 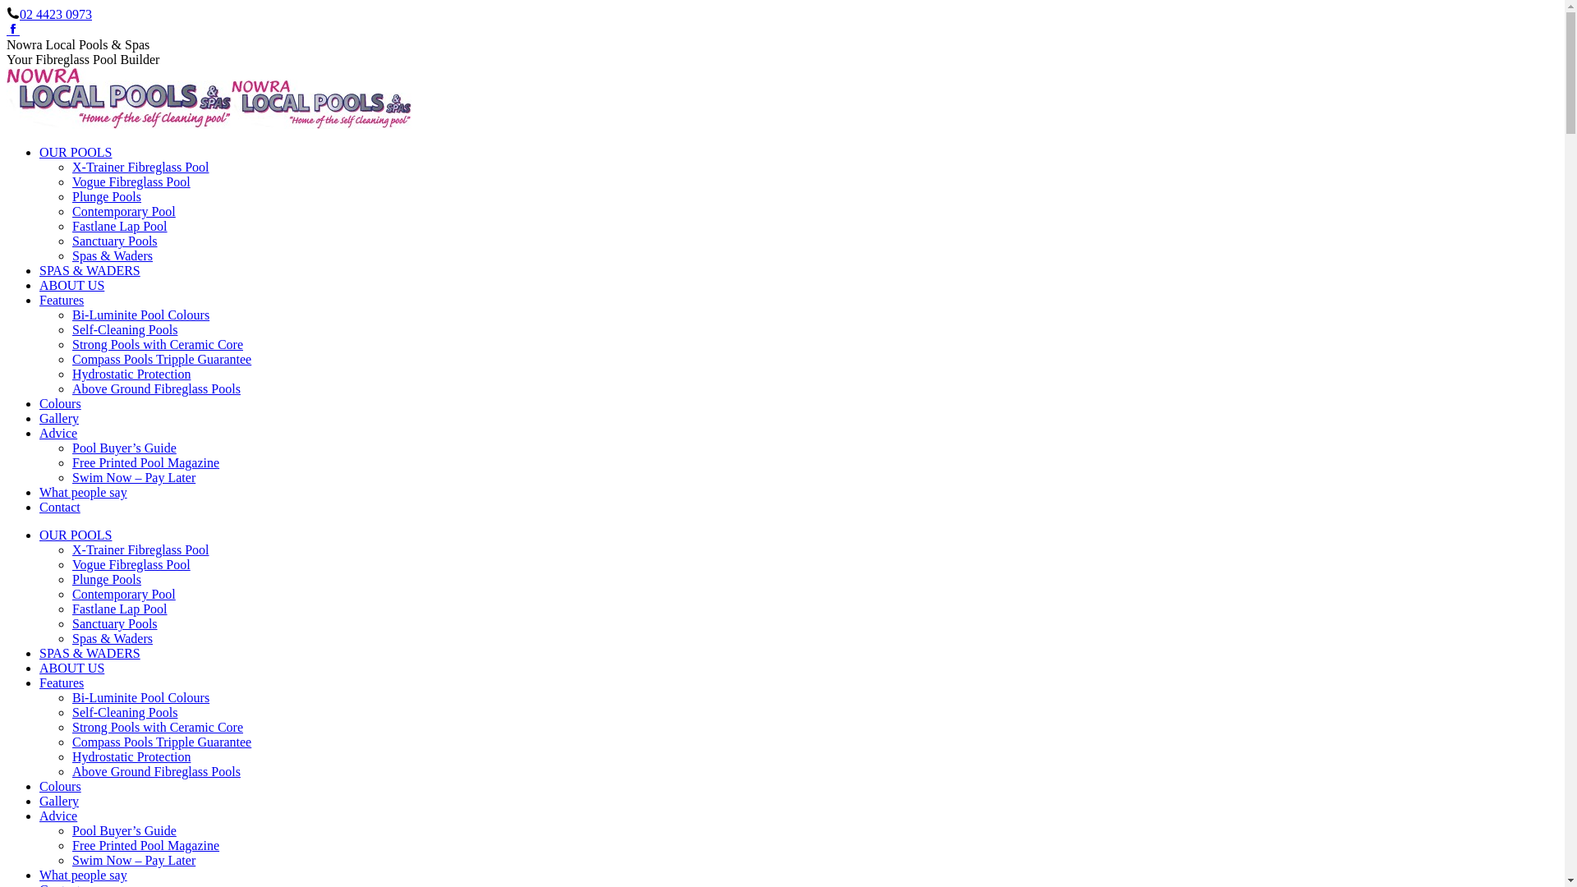 I want to click on 'Strong Pools with Ceramic Core', so click(x=158, y=343).